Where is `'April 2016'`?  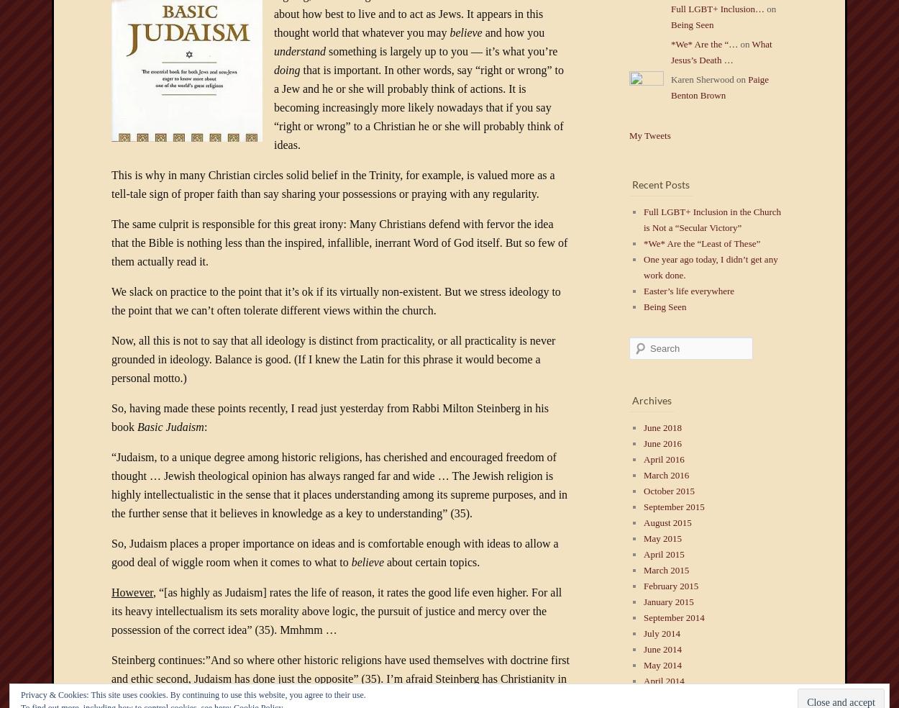
'April 2016' is located at coordinates (663, 459).